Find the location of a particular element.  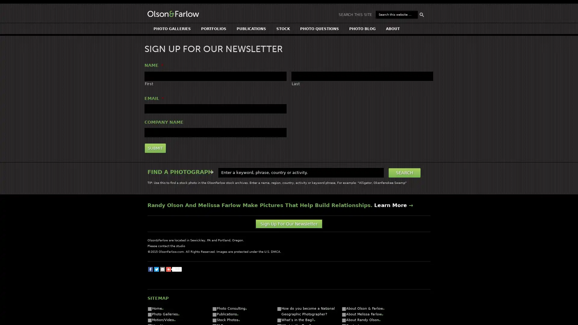

Submit is located at coordinates (155, 148).